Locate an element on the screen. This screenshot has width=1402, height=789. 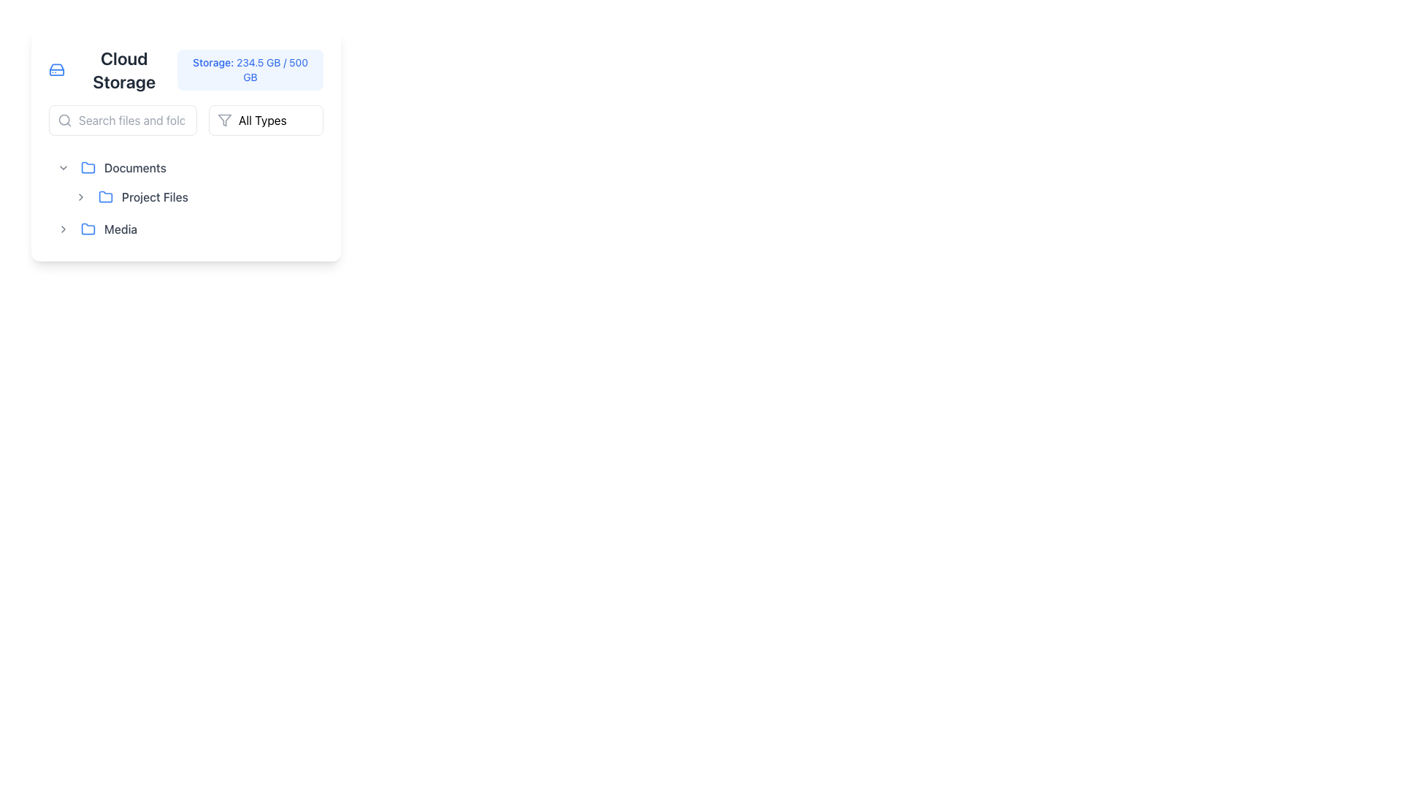
the downward-pointing gray triangular icon is located at coordinates (62, 167).